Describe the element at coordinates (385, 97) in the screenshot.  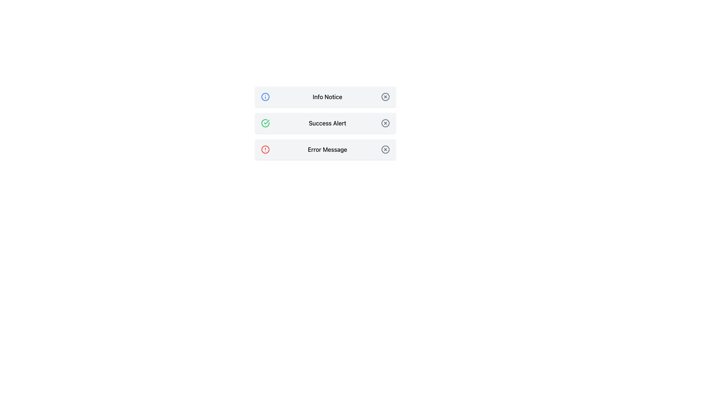
I see `the Close button icon located on the right end of the 'Info Notice' notification row` at that location.